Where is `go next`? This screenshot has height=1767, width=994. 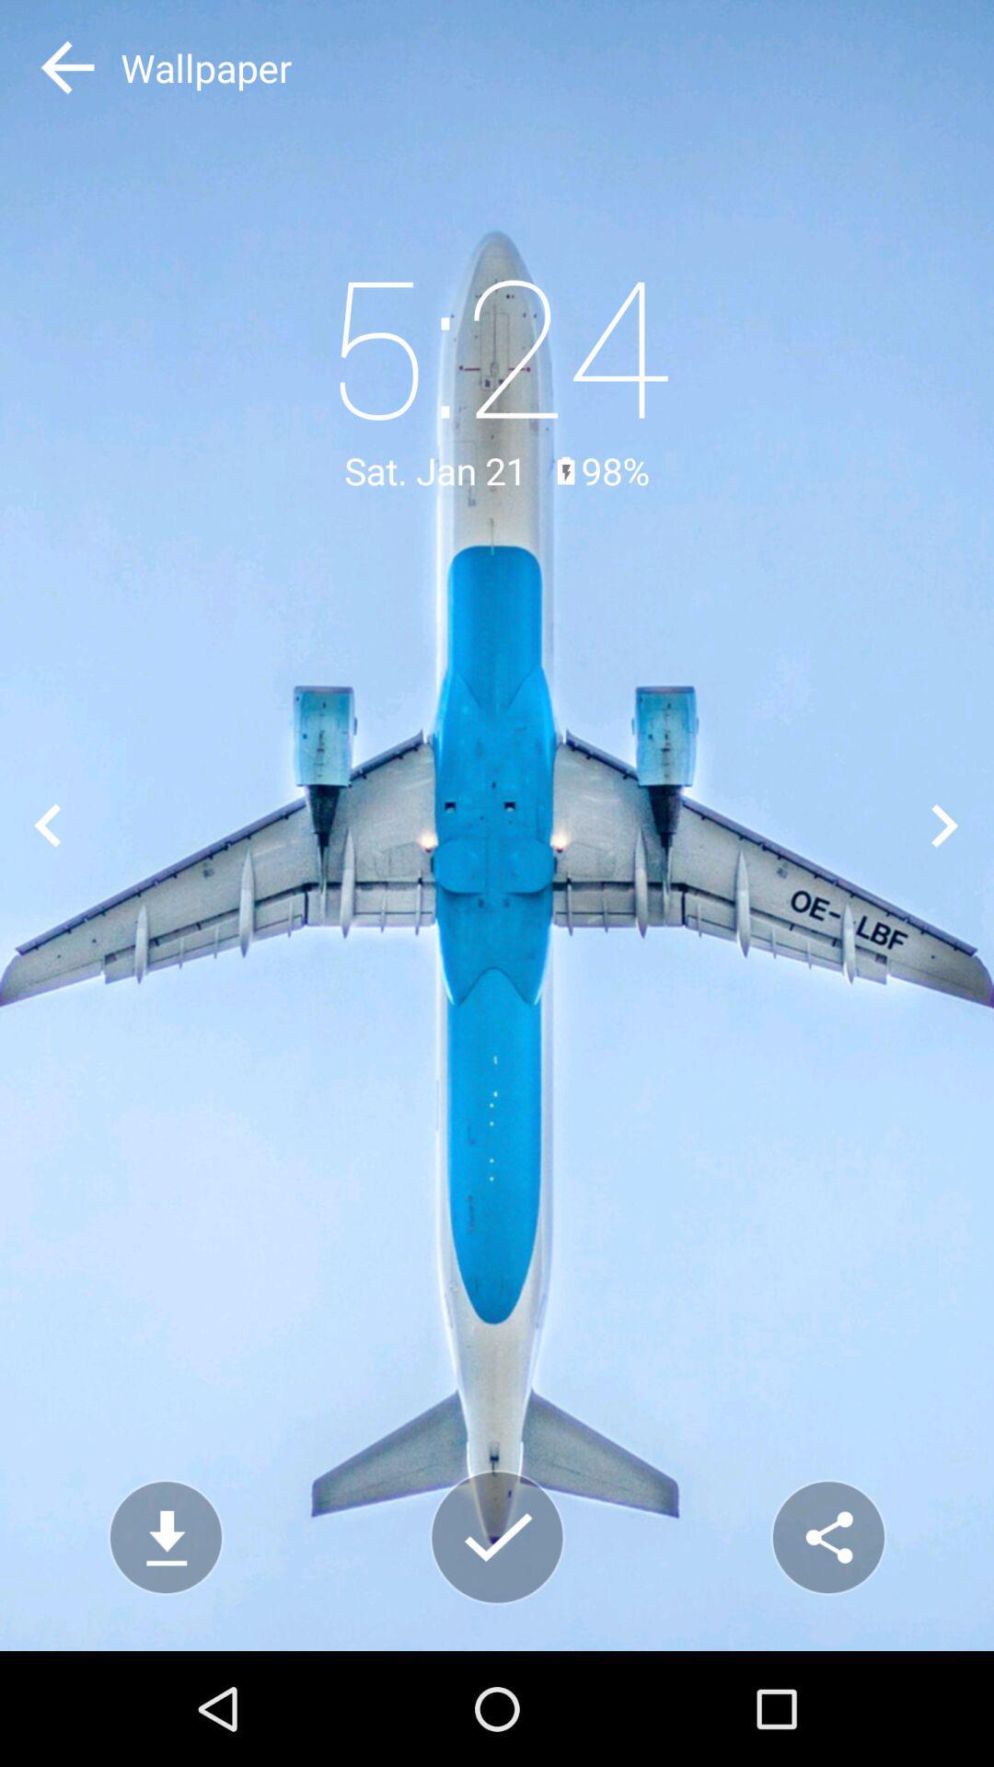
go next is located at coordinates (945, 825).